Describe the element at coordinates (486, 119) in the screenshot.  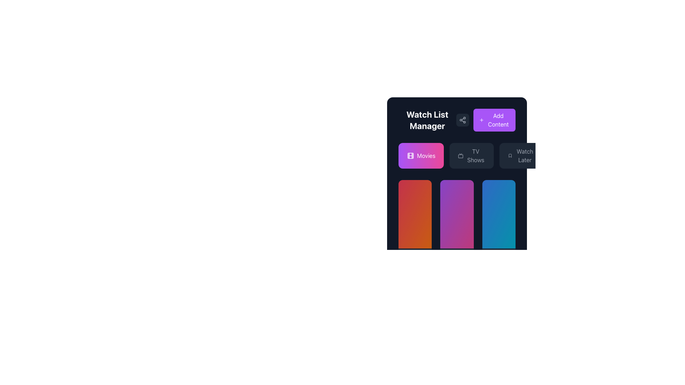
I see `the purple 'Add Content' button with a white plus icon located in the 'Watch List Manager' panel` at that location.